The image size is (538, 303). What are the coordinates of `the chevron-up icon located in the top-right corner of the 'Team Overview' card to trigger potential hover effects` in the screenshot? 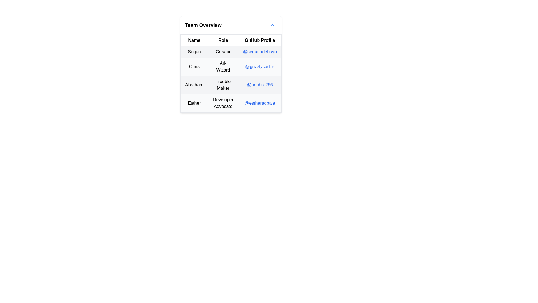 It's located at (273, 25).